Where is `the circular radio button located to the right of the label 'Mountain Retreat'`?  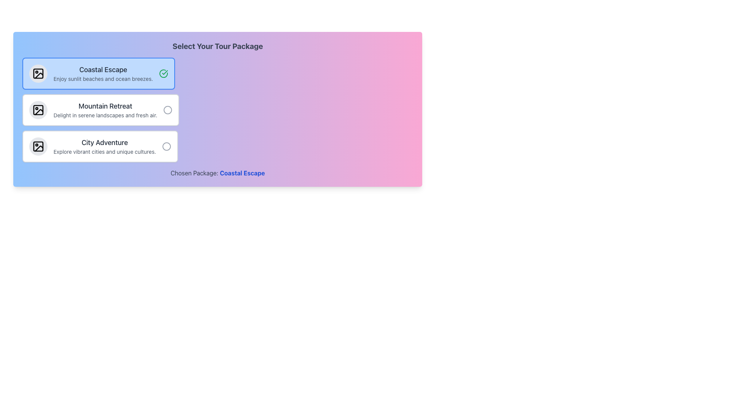 the circular radio button located to the right of the label 'Mountain Retreat' is located at coordinates (167, 110).